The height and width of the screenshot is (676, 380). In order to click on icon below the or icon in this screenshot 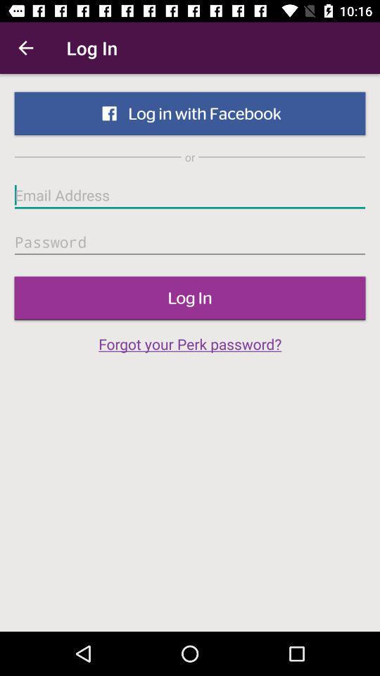, I will do `click(190, 194)`.